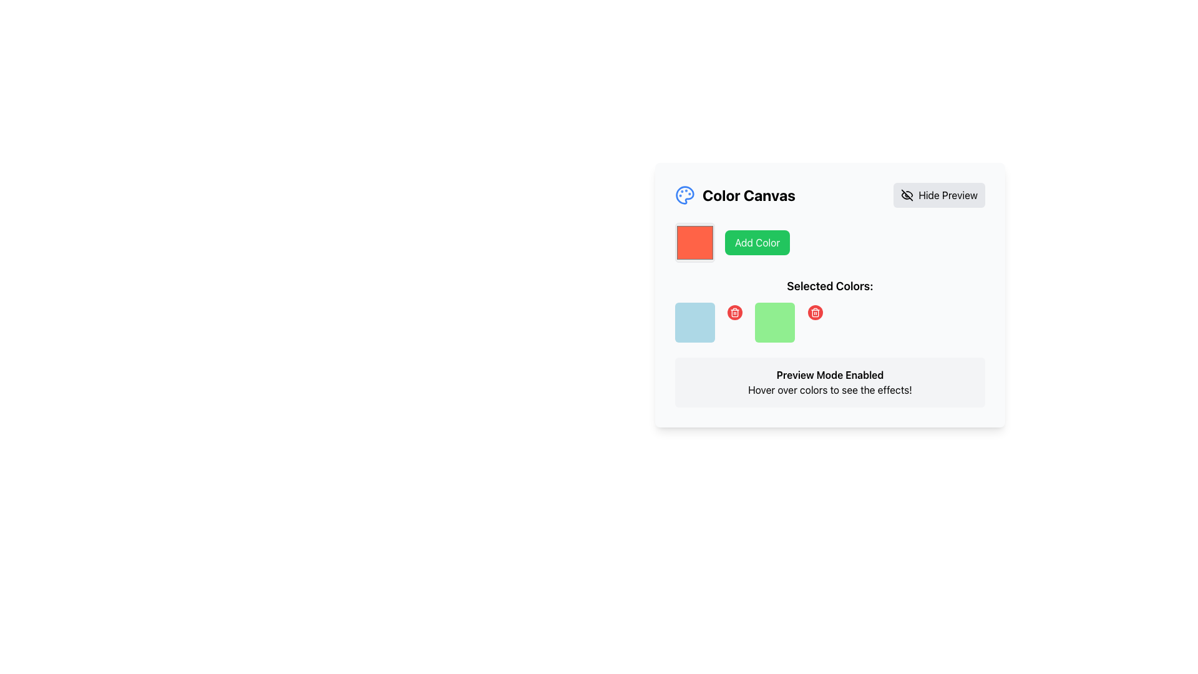 The width and height of the screenshot is (1198, 674). What do you see at coordinates (684, 195) in the screenshot?
I see `the decorative icon representing the 'Color Canvas' section, which is positioned to the left of the text 'Color Canvas' in the header section of the 'Color Canvas' widget` at bounding box center [684, 195].